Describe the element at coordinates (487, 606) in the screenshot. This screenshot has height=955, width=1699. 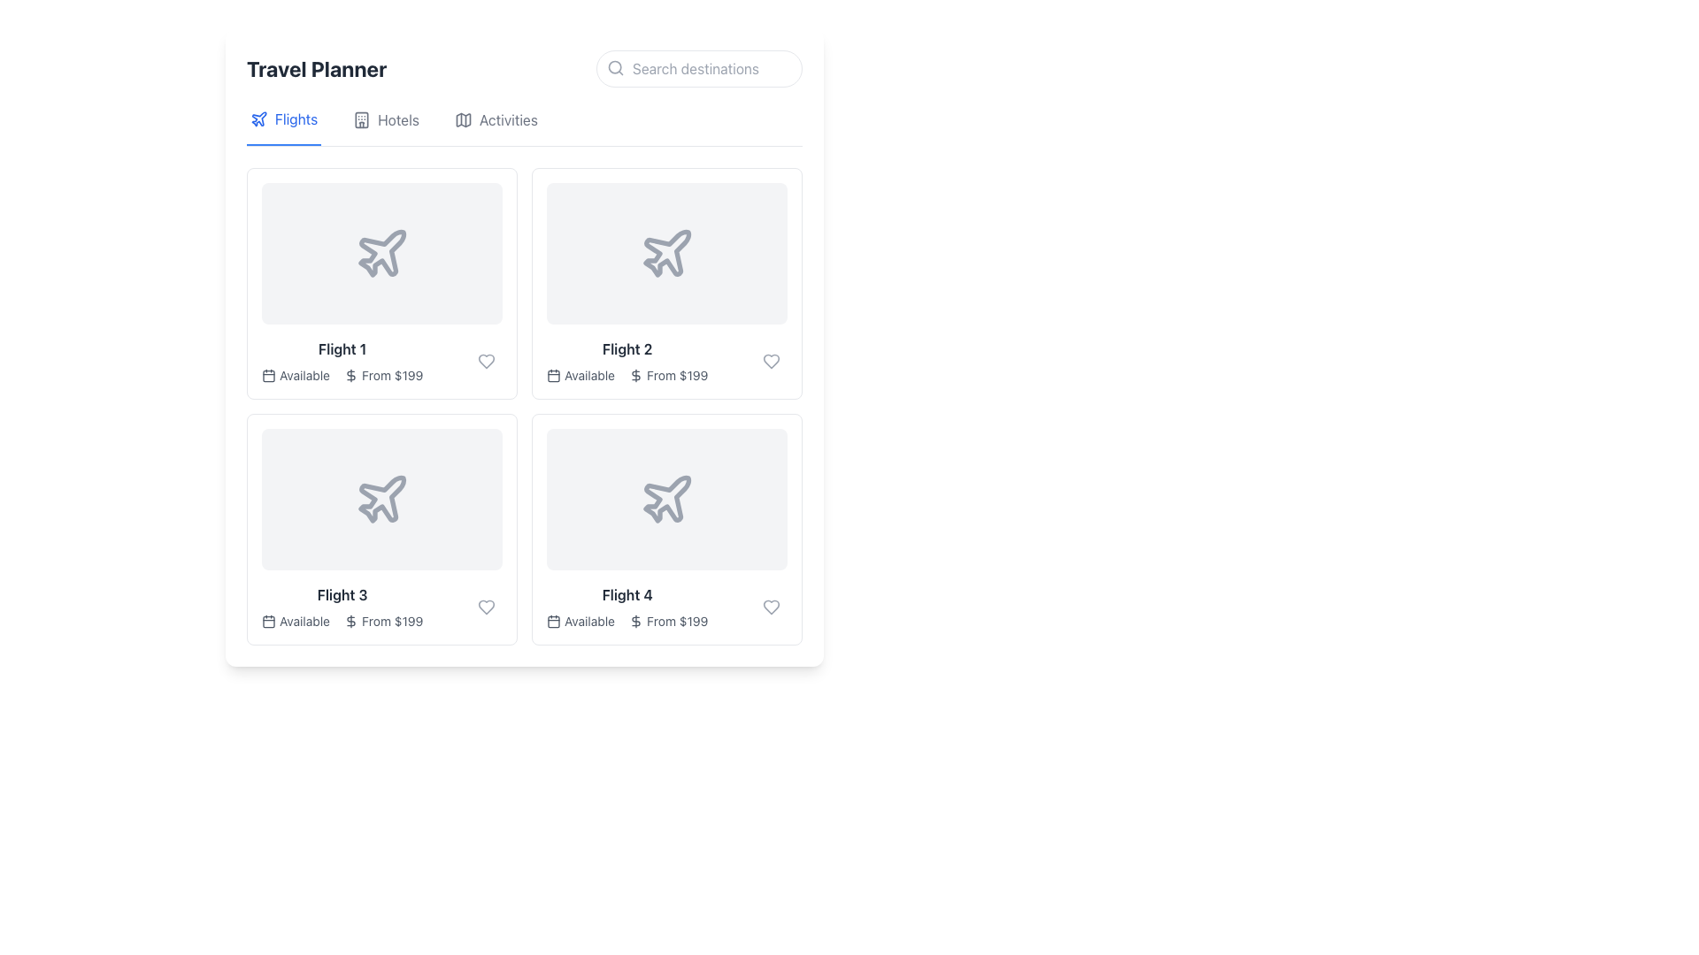
I see `the heart-shaped icon button in the bottom-right area of the 'Flight 3' card to favorite the flight` at that location.